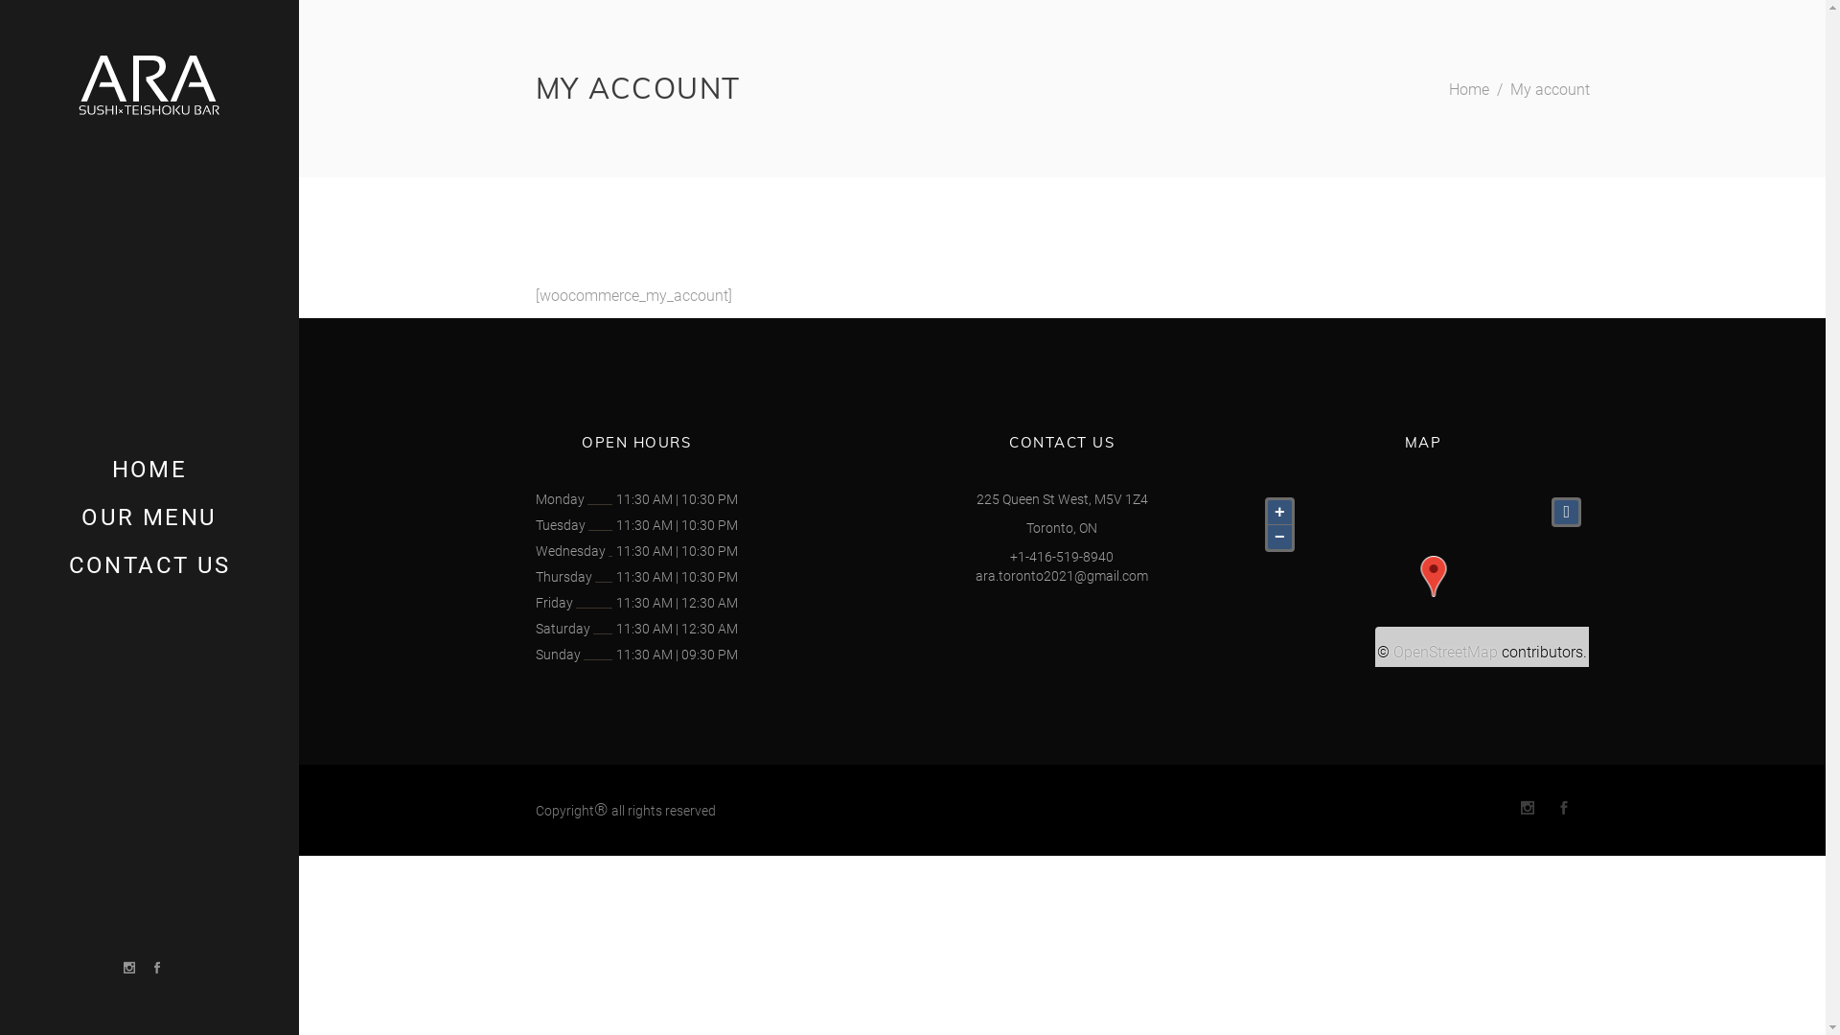  Describe the element at coordinates (149, 517) in the screenshot. I see `'OUR MENU'` at that location.